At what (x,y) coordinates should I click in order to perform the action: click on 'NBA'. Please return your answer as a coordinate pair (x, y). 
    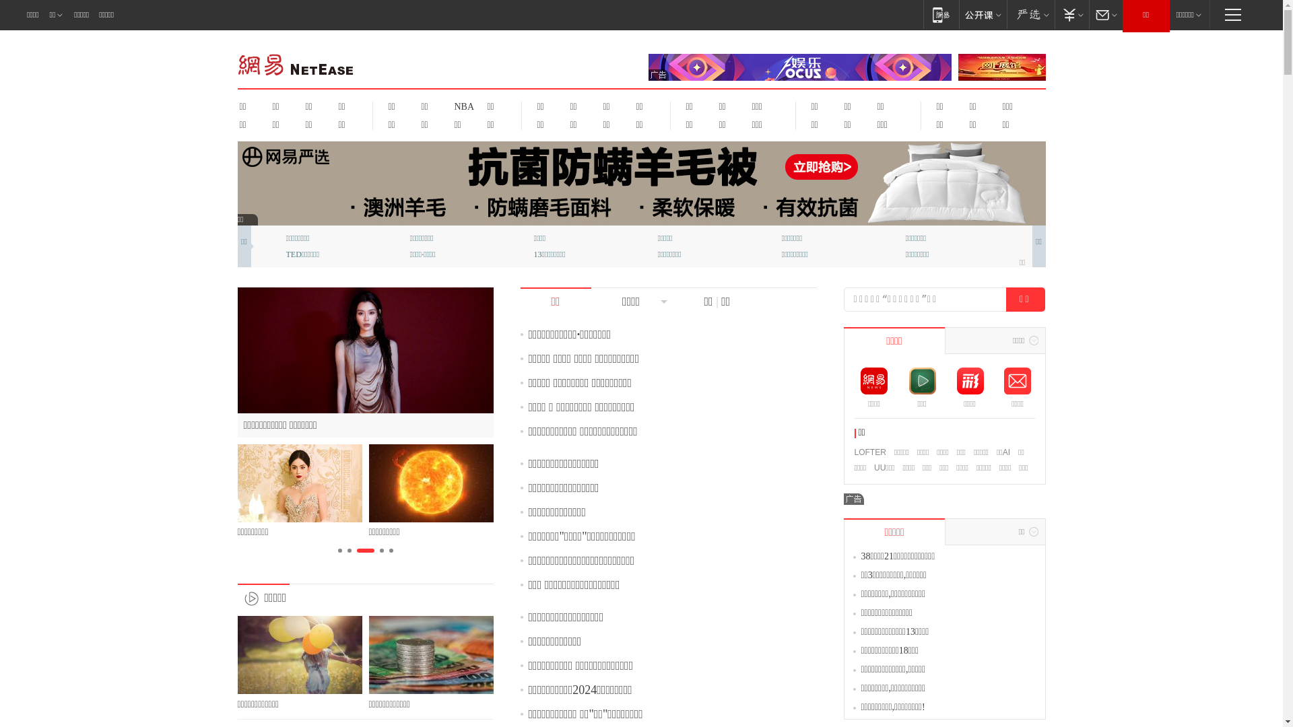
    Looking at the image, I should click on (462, 106).